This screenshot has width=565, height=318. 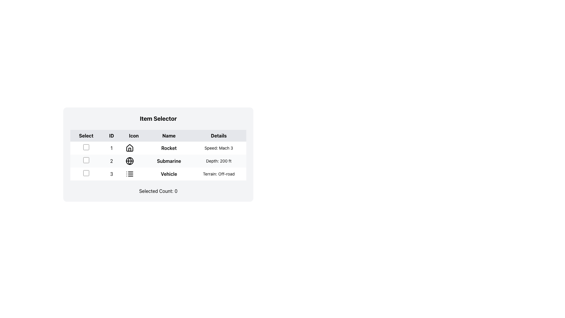 What do you see at coordinates (169, 161) in the screenshot?
I see `the text label displaying 'Submarine' in bold font, located in the second row of the table under the 'Name' column` at bounding box center [169, 161].